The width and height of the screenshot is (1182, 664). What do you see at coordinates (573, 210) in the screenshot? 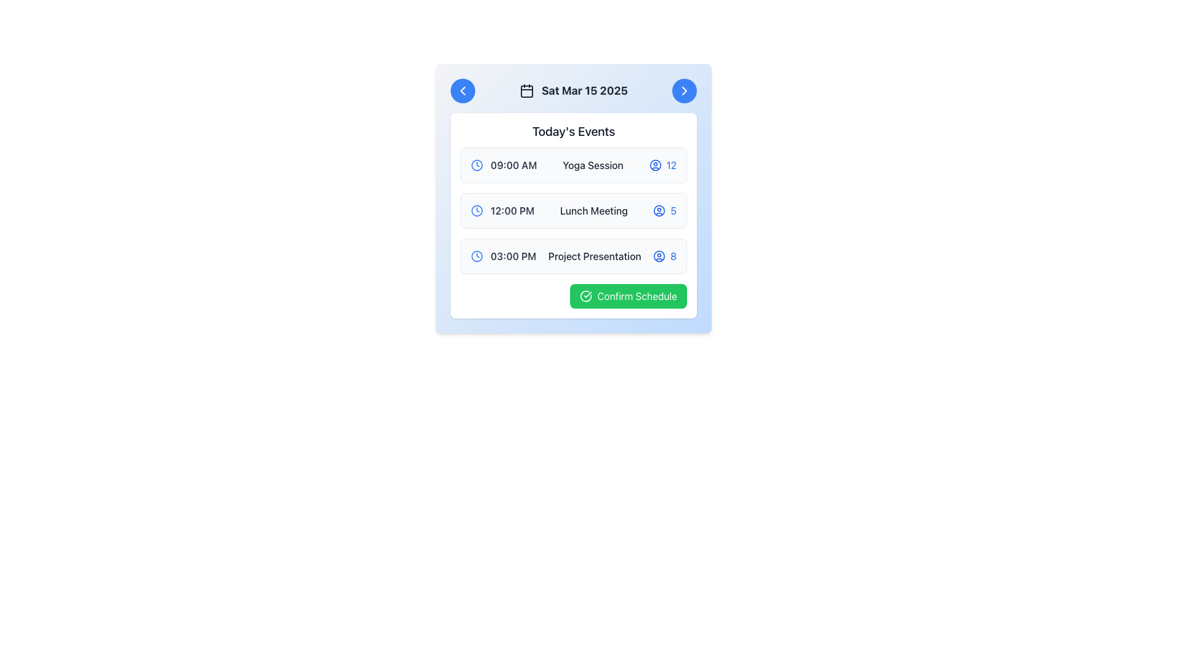
I see `the second event entry in the daily schedule` at bounding box center [573, 210].